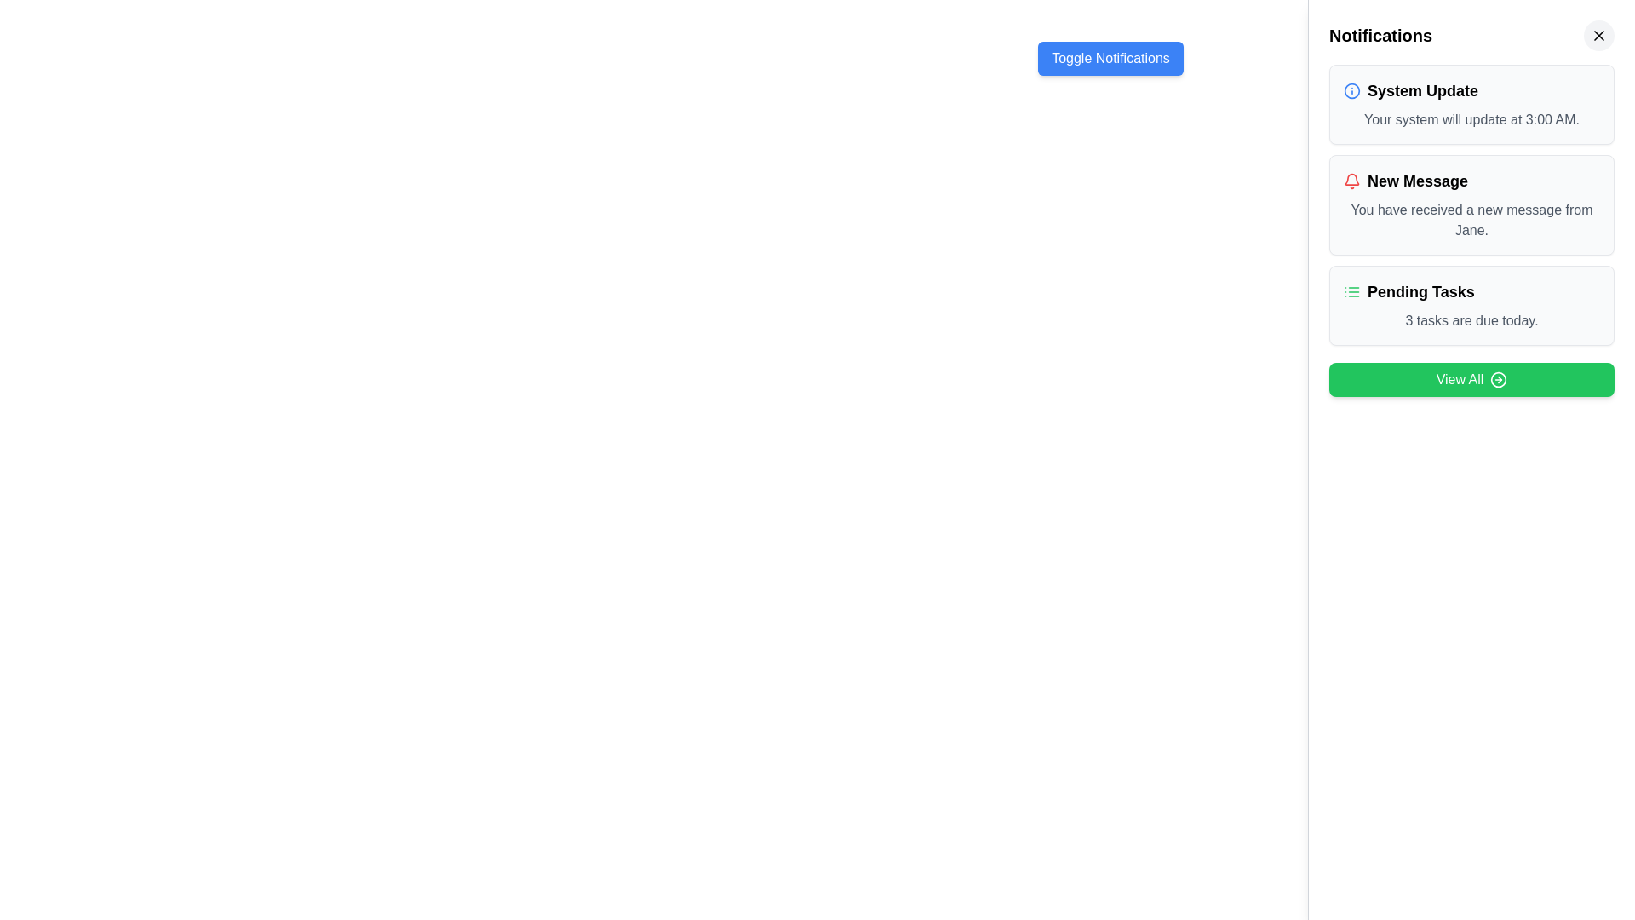 The height and width of the screenshot is (920, 1635). What do you see at coordinates (1471, 304) in the screenshot?
I see `notification card that indicates the number of pending tasks, located as the third entry in the list of notification cards, below 'New Message' and above the 'View All' button` at bounding box center [1471, 304].